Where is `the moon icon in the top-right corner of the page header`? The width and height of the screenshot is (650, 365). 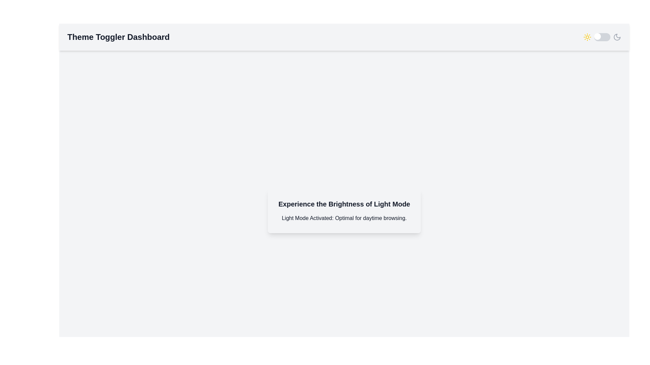 the moon icon in the top-right corner of the page header is located at coordinates (617, 37).